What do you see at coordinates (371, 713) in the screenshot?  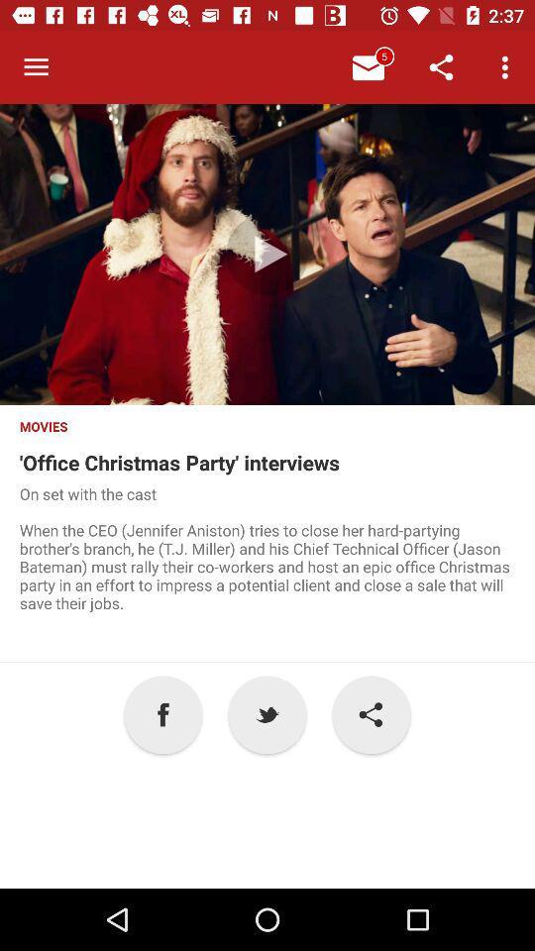 I see `the item next to the p` at bounding box center [371, 713].